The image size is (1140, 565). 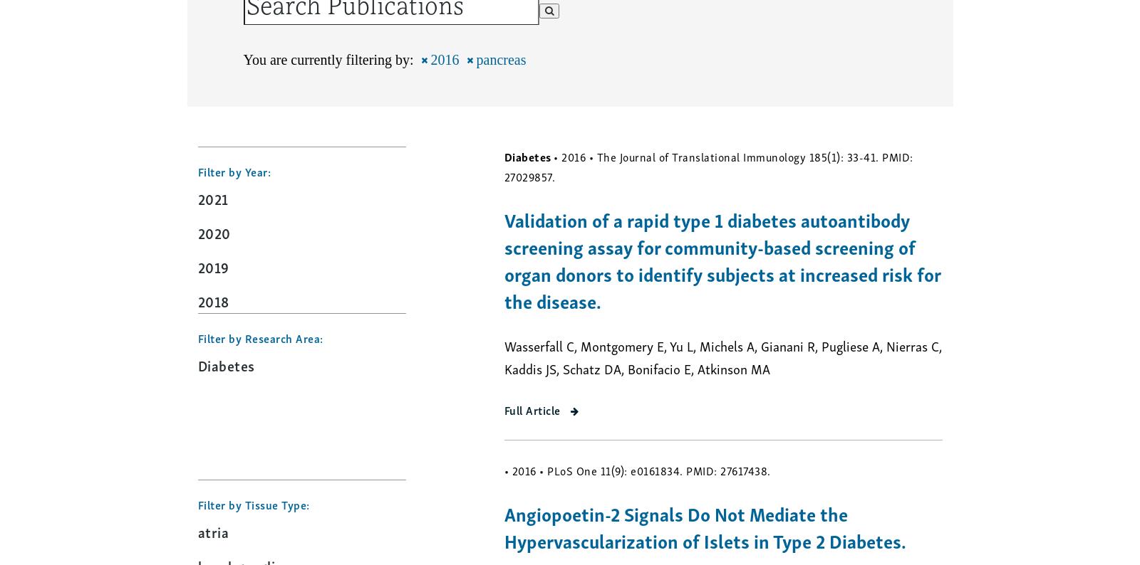 What do you see at coordinates (327, 58) in the screenshot?
I see `'You are currently filtering by:'` at bounding box center [327, 58].